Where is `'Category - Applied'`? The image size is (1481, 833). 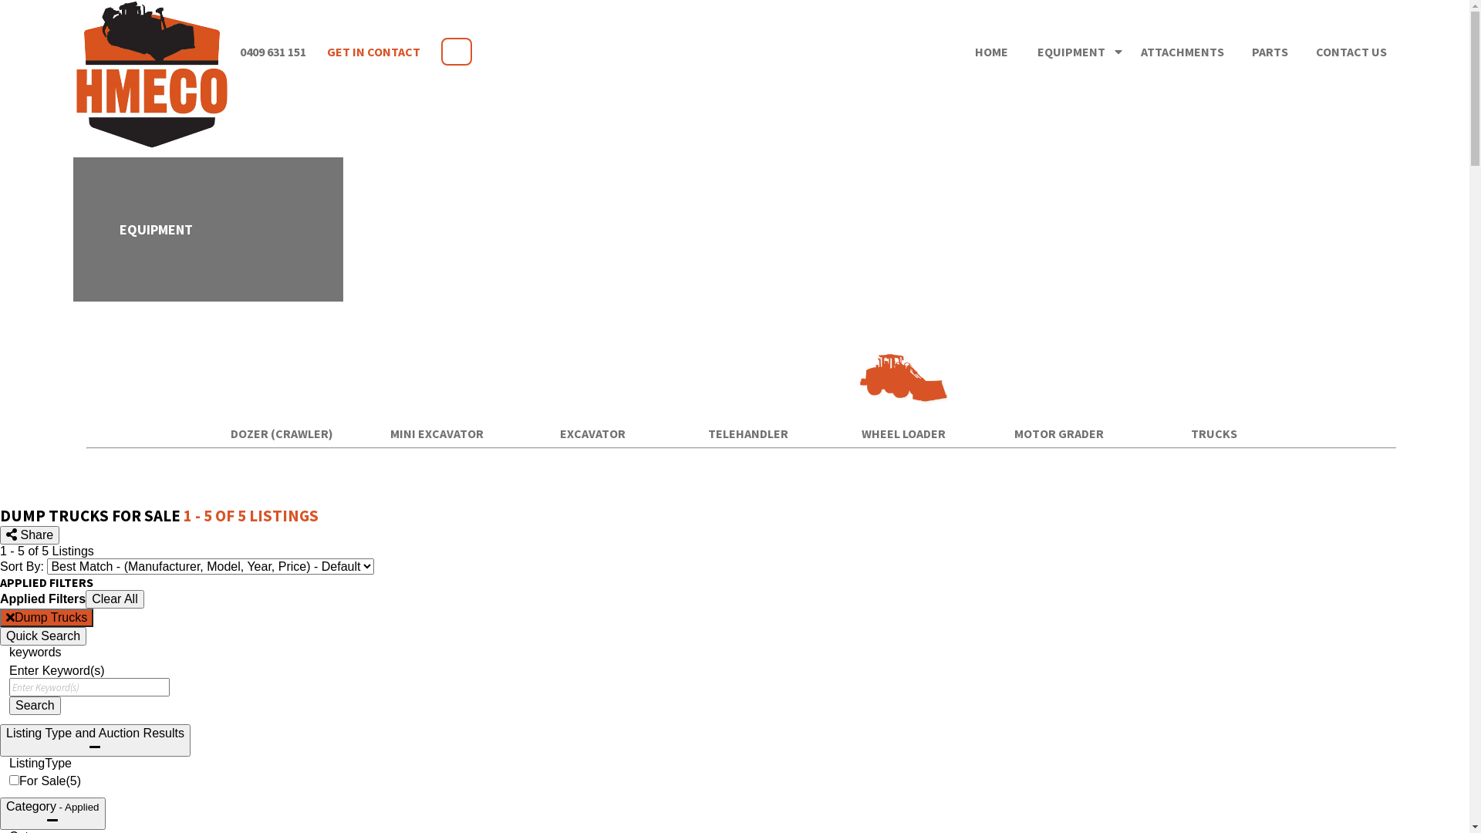 'Category - Applied' is located at coordinates (0, 813).